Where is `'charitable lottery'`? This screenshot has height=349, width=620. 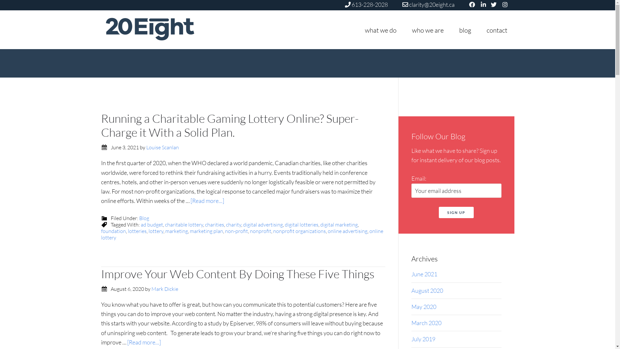 'charitable lottery' is located at coordinates (183, 224).